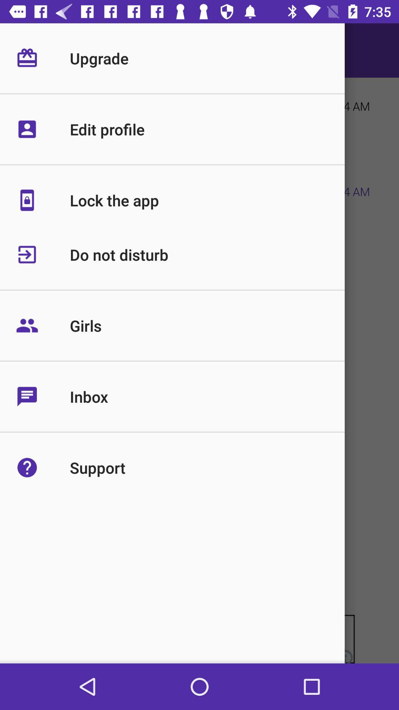 The image size is (399, 710). I want to click on the icon which is to the left side of the girls option, so click(42, 325).